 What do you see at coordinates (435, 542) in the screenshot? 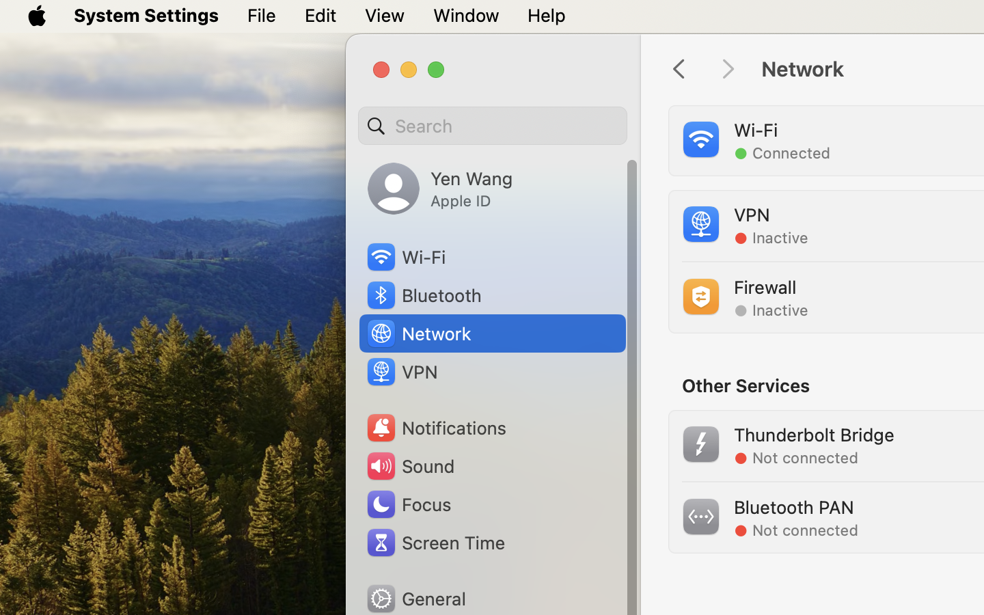
I see `'Screen Time'` at bounding box center [435, 542].